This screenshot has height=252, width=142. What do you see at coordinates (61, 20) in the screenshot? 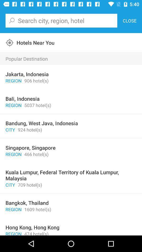
I see `the item to the left of close icon` at bounding box center [61, 20].